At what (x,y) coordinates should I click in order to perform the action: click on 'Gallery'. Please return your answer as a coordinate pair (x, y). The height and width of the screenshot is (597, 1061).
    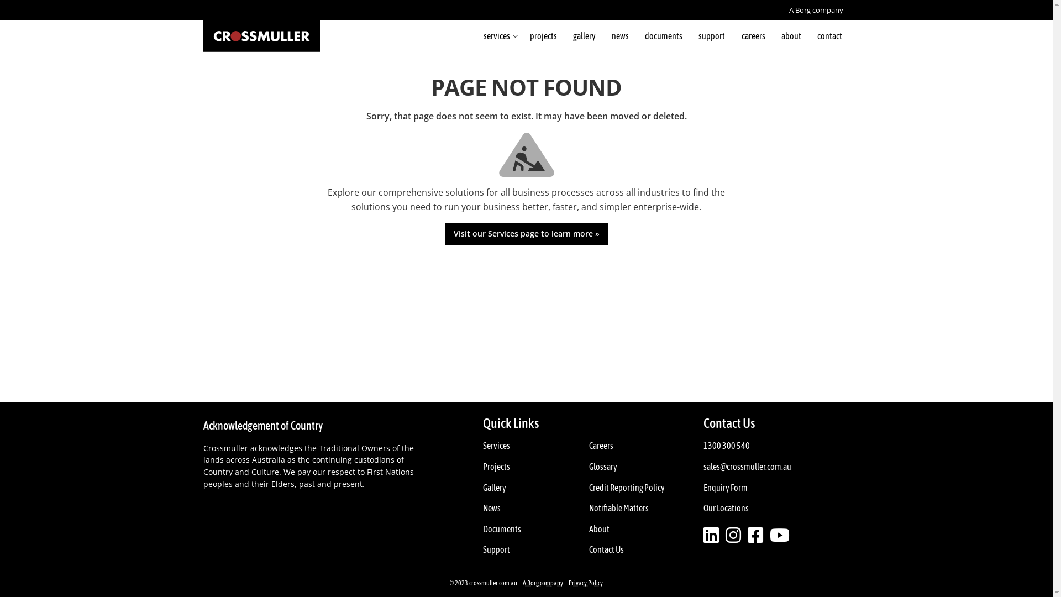
    Looking at the image, I should click on (493, 488).